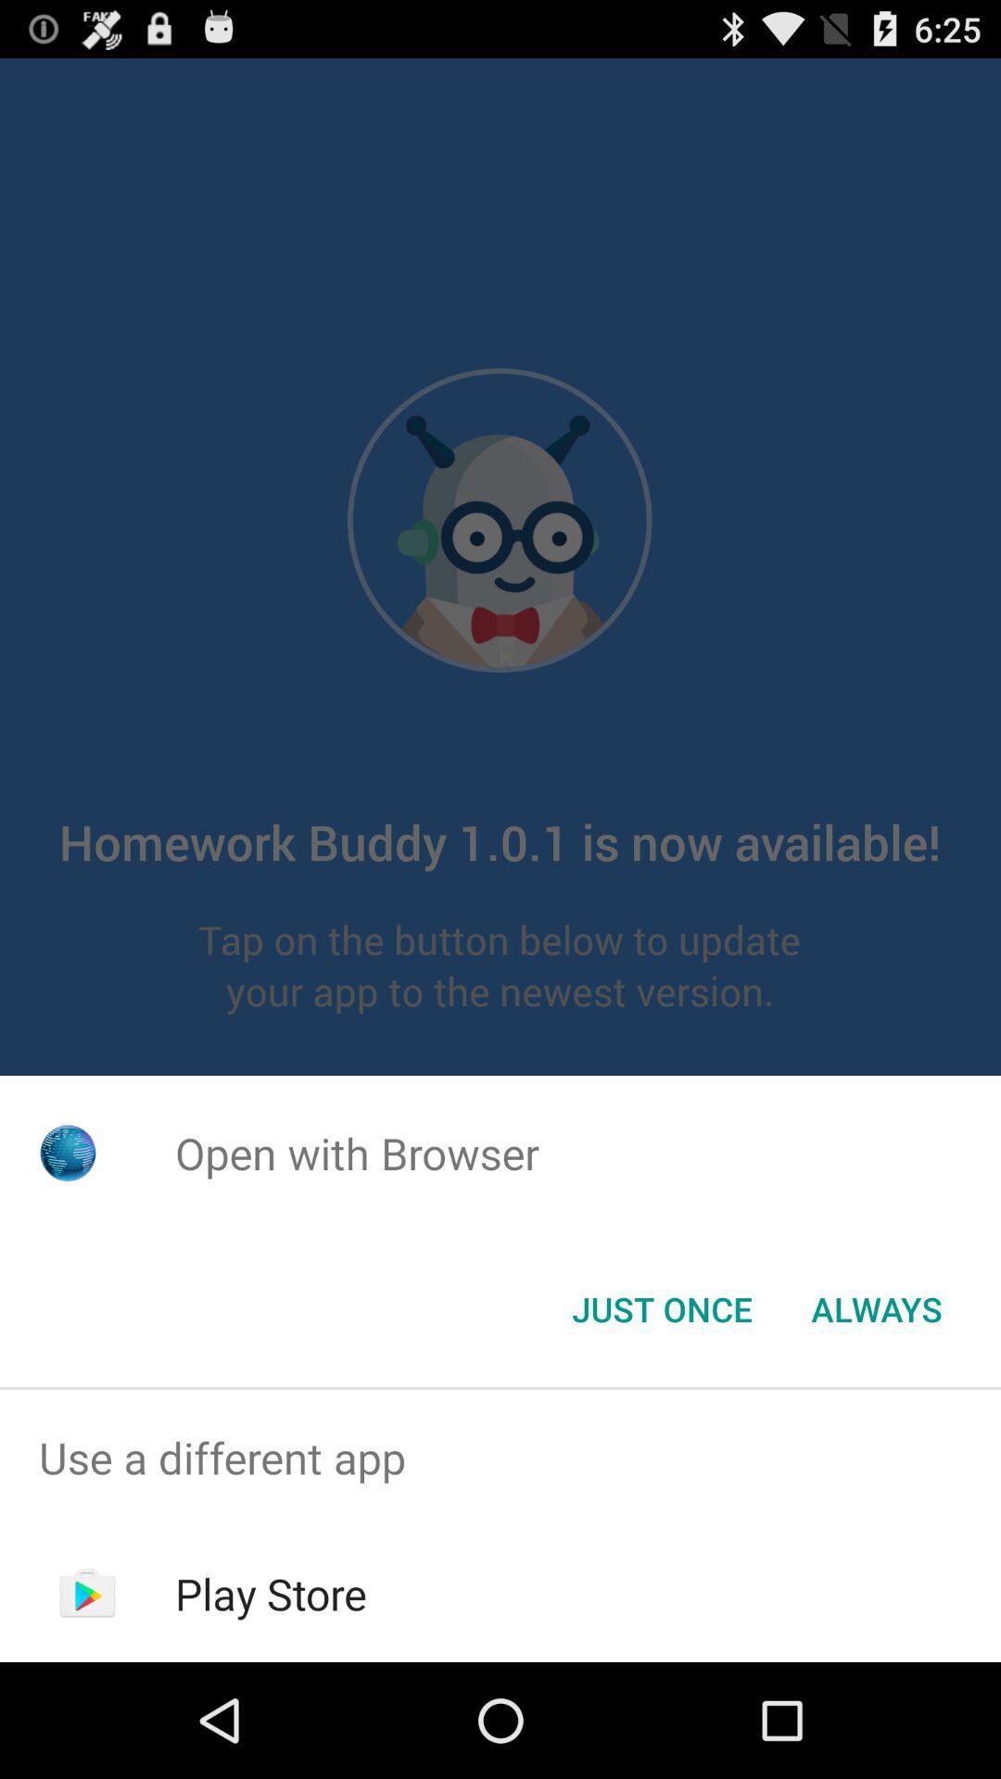 Image resolution: width=1001 pixels, height=1779 pixels. Describe the element at coordinates (876, 1307) in the screenshot. I see `button at the bottom right corner` at that location.